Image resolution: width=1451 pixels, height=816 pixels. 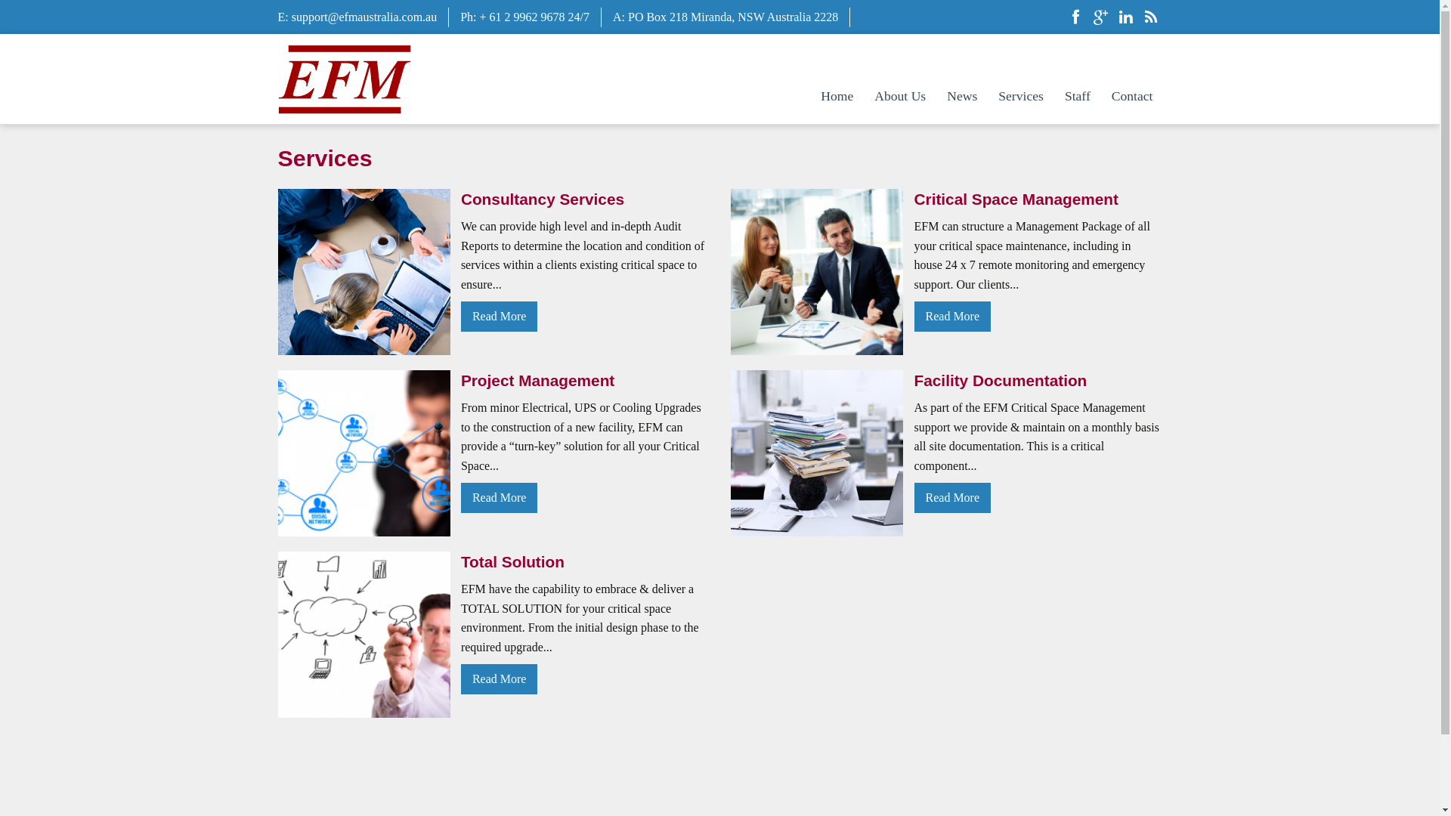 I want to click on 'Contact', so click(x=1132, y=96).